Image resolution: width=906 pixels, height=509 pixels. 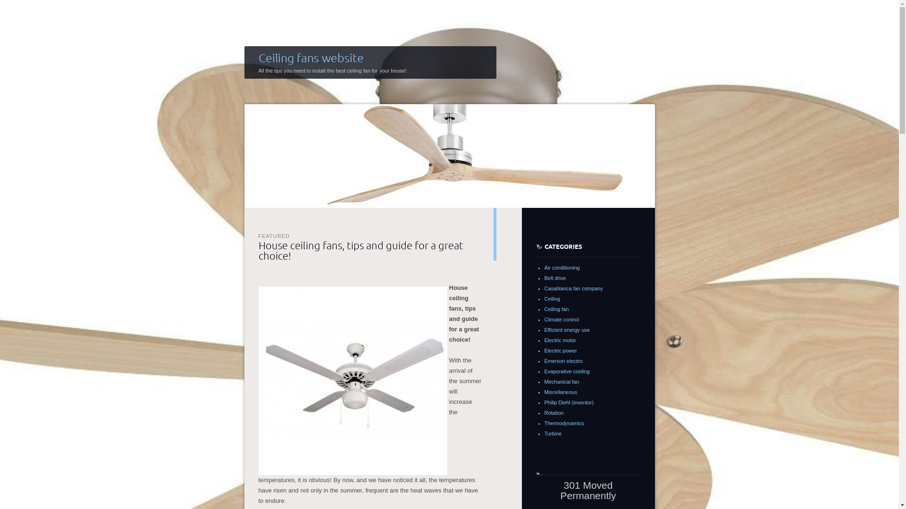 What do you see at coordinates (561, 392) in the screenshot?
I see `'Miscellaneous'` at bounding box center [561, 392].